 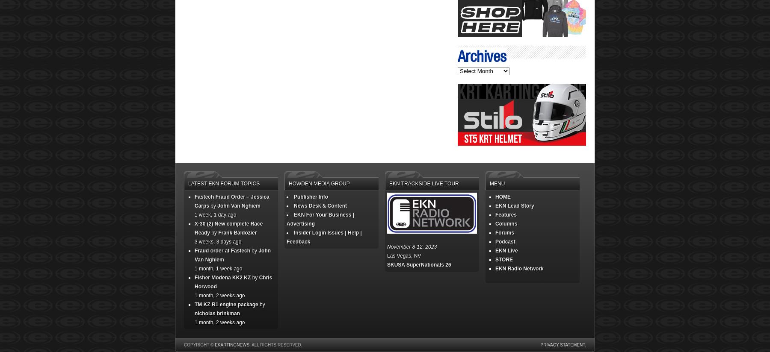 What do you see at coordinates (389, 183) in the screenshot?
I see `'EKN TRACKSIDE LIVE TOUR'` at bounding box center [389, 183].